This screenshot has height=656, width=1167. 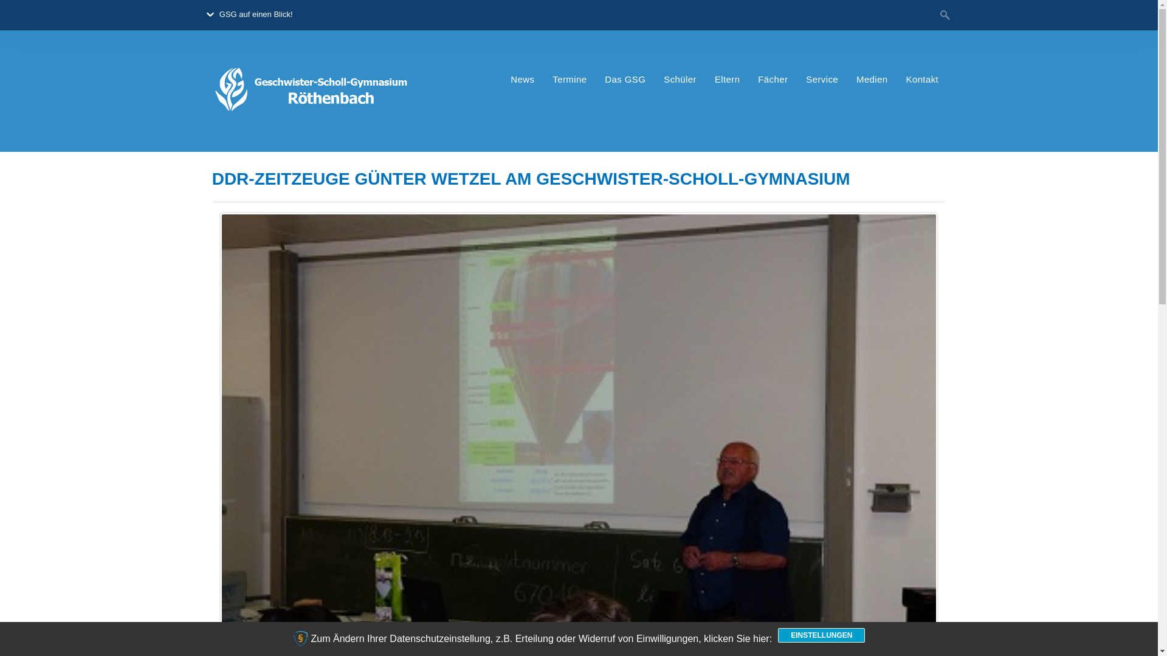 What do you see at coordinates (921, 80) in the screenshot?
I see `'Kontakt'` at bounding box center [921, 80].